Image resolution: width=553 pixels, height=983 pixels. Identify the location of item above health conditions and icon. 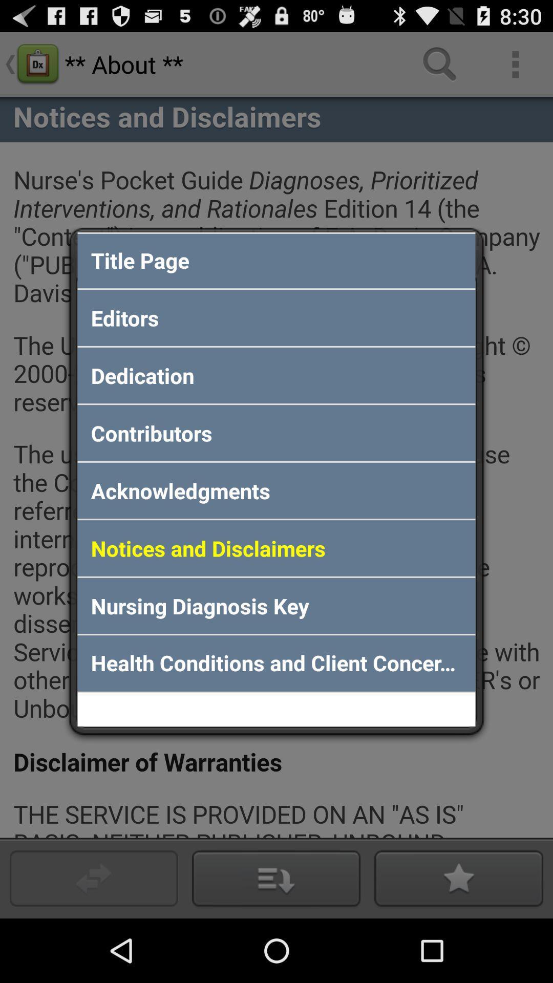
(276, 606).